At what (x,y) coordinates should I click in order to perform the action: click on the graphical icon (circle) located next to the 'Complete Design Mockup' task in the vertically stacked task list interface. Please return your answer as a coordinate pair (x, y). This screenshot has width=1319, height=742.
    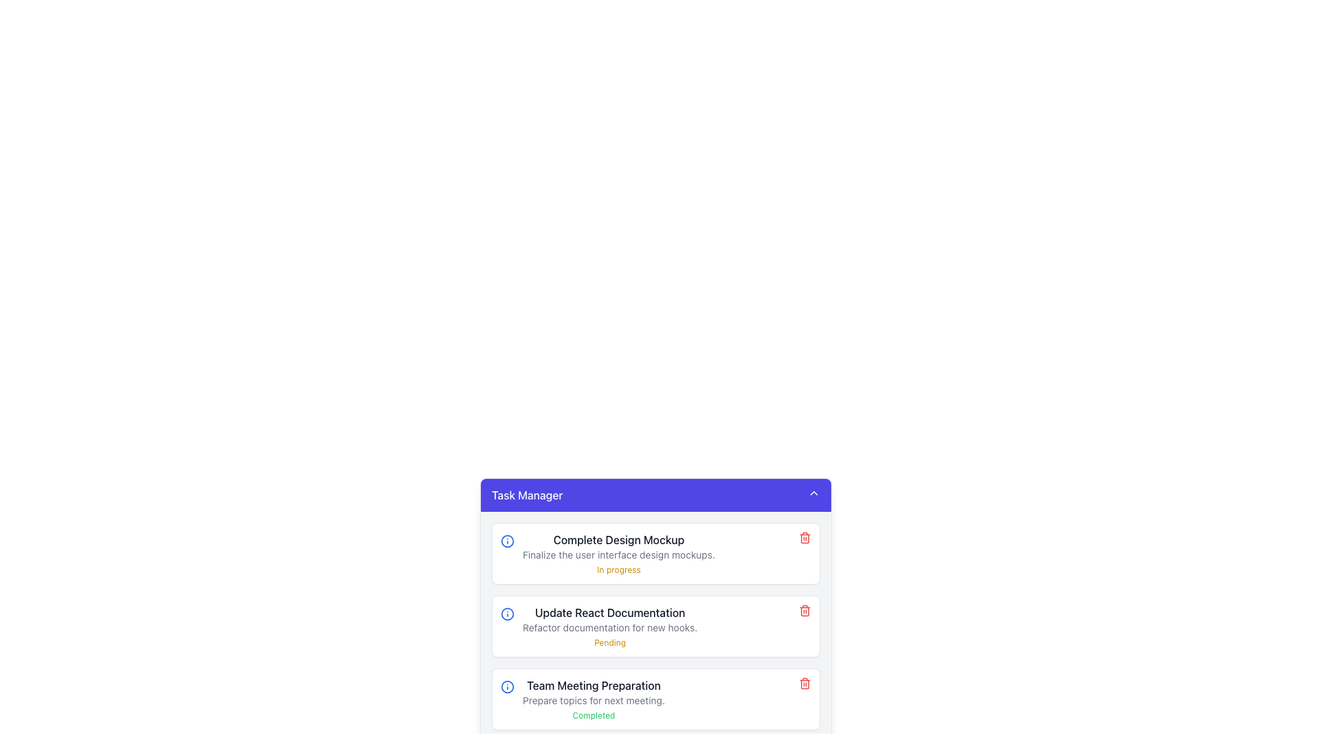
    Looking at the image, I should click on (507, 686).